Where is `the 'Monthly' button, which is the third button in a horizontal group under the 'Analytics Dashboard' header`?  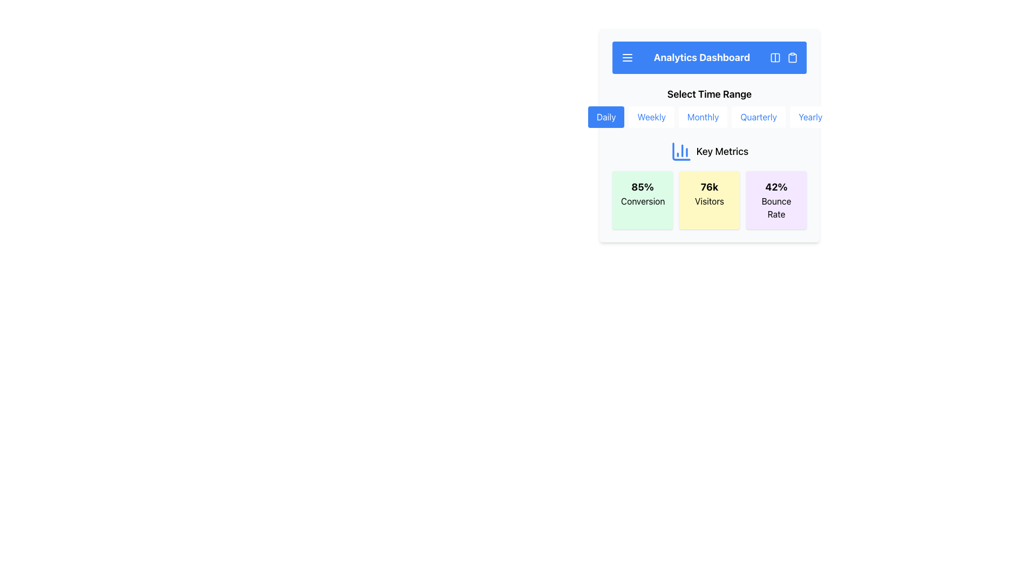
the 'Monthly' button, which is the third button in a horizontal group under the 'Analytics Dashboard' header is located at coordinates (703, 117).